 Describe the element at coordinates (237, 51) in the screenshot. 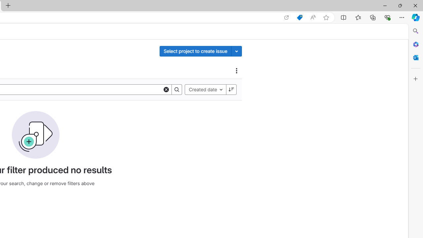

I see `'Toggle project select'` at that location.